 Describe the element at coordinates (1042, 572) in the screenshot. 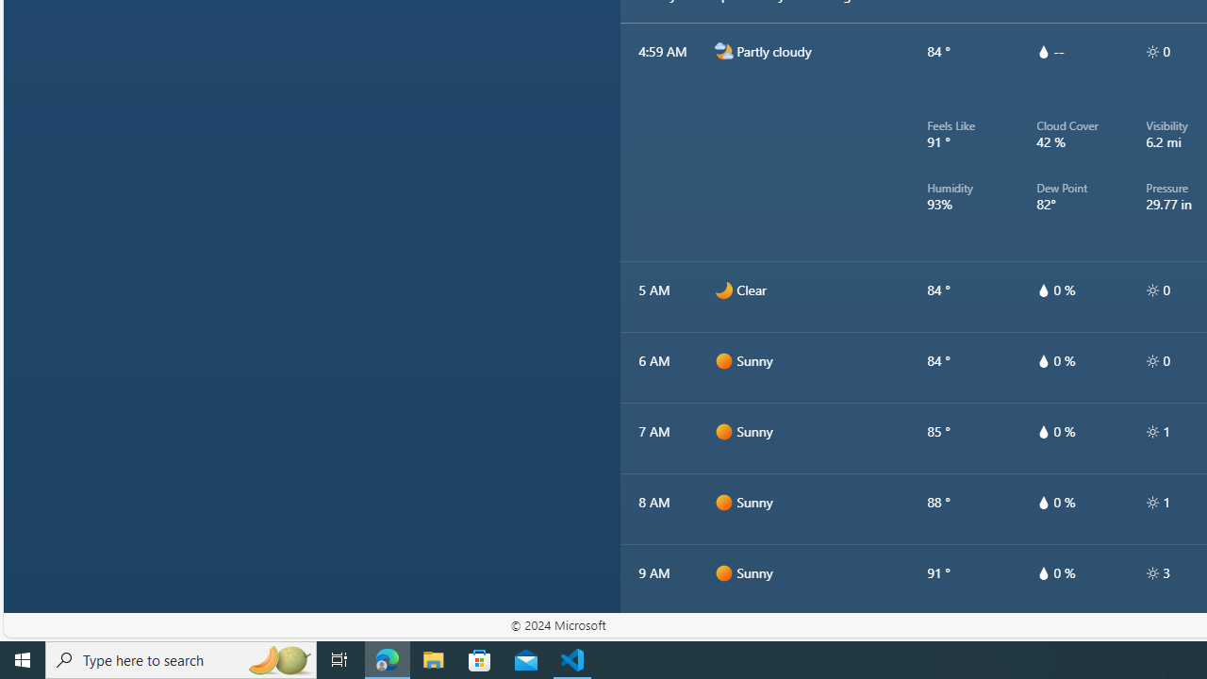

I see `'hourlyTable/drop'` at that location.